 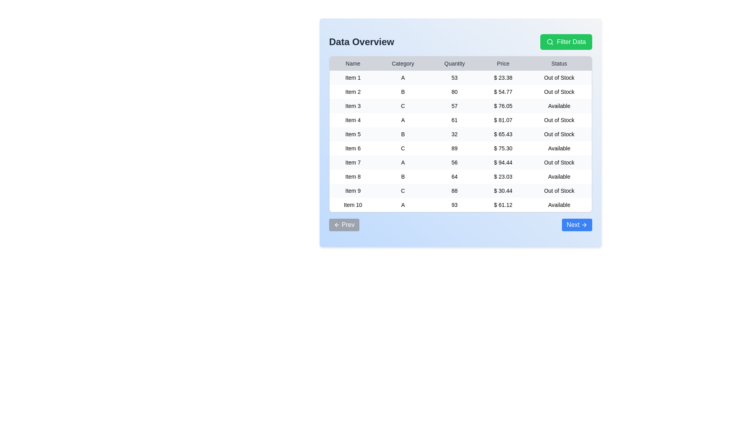 What do you see at coordinates (566, 42) in the screenshot?
I see `'Filter Data' button to open the filter panel` at bounding box center [566, 42].